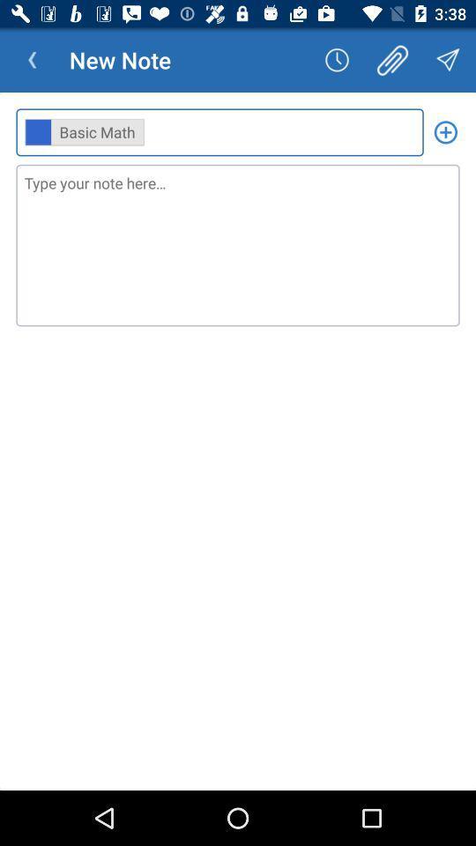  I want to click on the app next to new note, so click(337, 60).